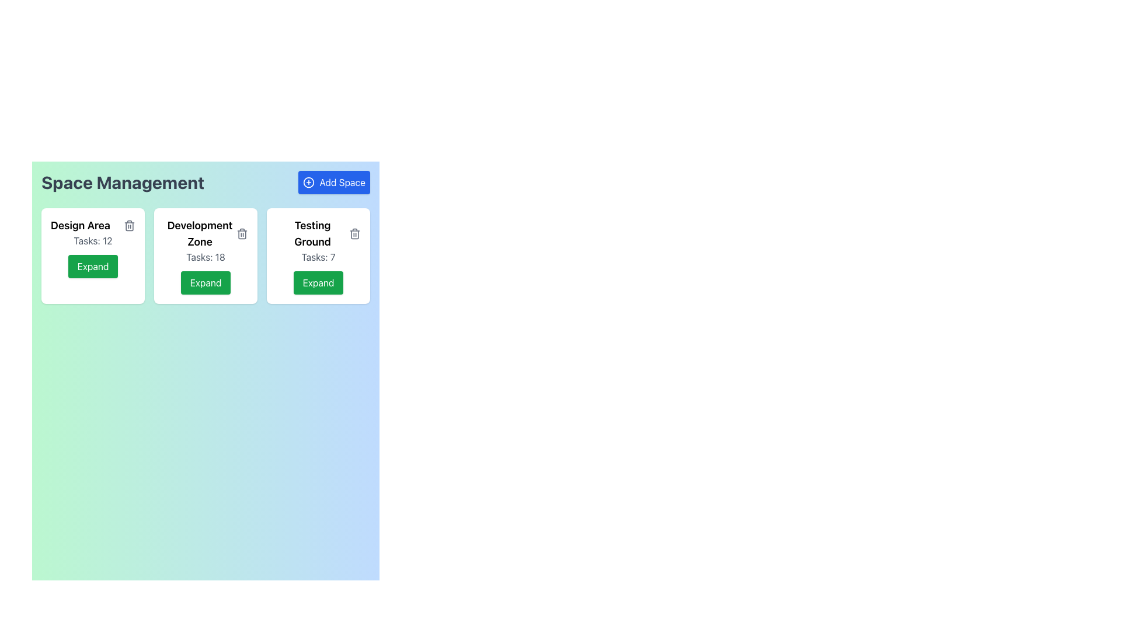 The width and height of the screenshot is (1121, 630). What do you see at coordinates (309, 182) in the screenshot?
I see `the outermost SVG Circle that represents the 'Add Space' button, located at the far-right side of the page` at bounding box center [309, 182].